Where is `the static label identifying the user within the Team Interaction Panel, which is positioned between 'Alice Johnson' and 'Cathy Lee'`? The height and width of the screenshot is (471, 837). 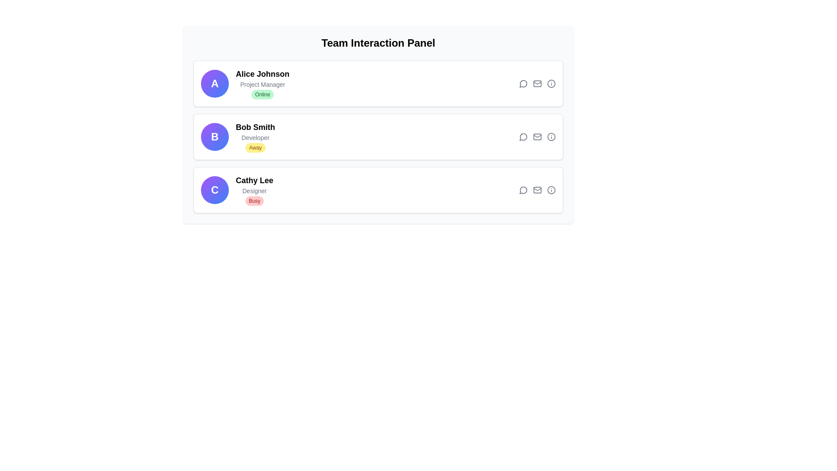 the static label identifying the user within the Team Interaction Panel, which is positioned between 'Alice Johnson' and 'Cathy Lee' is located at coordinates (255, 127).